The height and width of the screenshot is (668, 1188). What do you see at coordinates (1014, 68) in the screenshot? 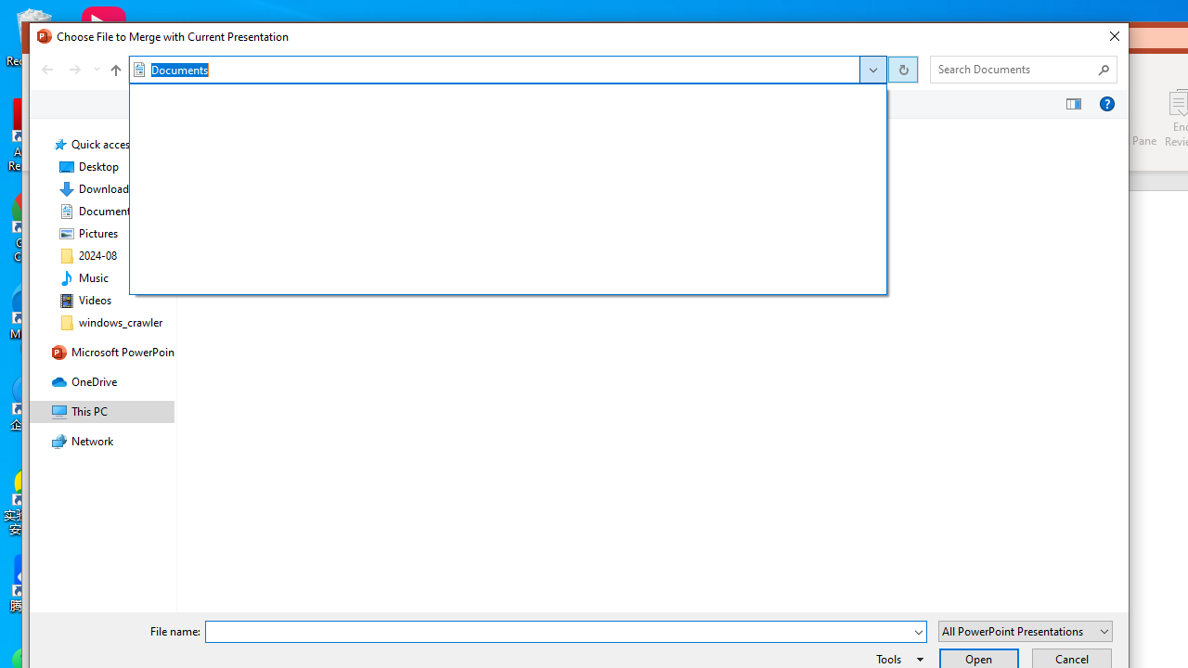
I see `'Search Box'` at bounding box center [1014, 68].